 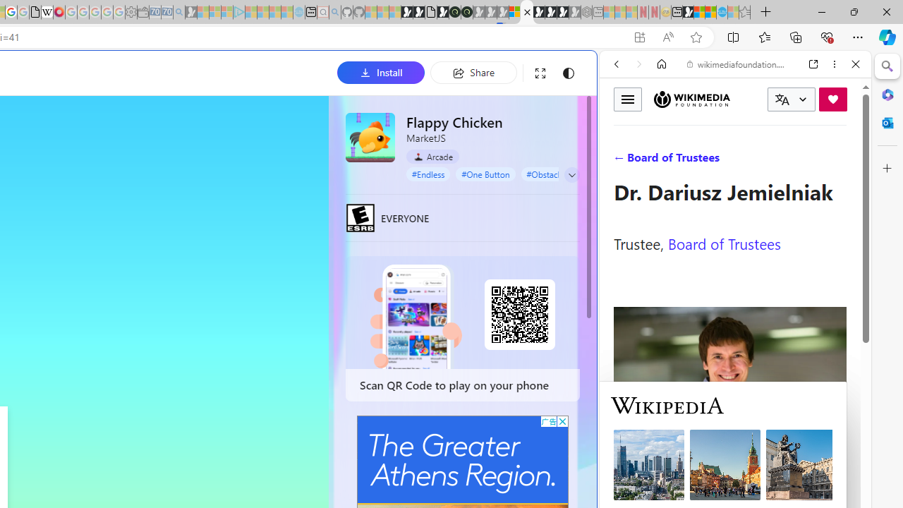 What do you see at coordinates (622, 127) in the screenshot?
I see `'Web scope'` at bounding box center [622, 127].